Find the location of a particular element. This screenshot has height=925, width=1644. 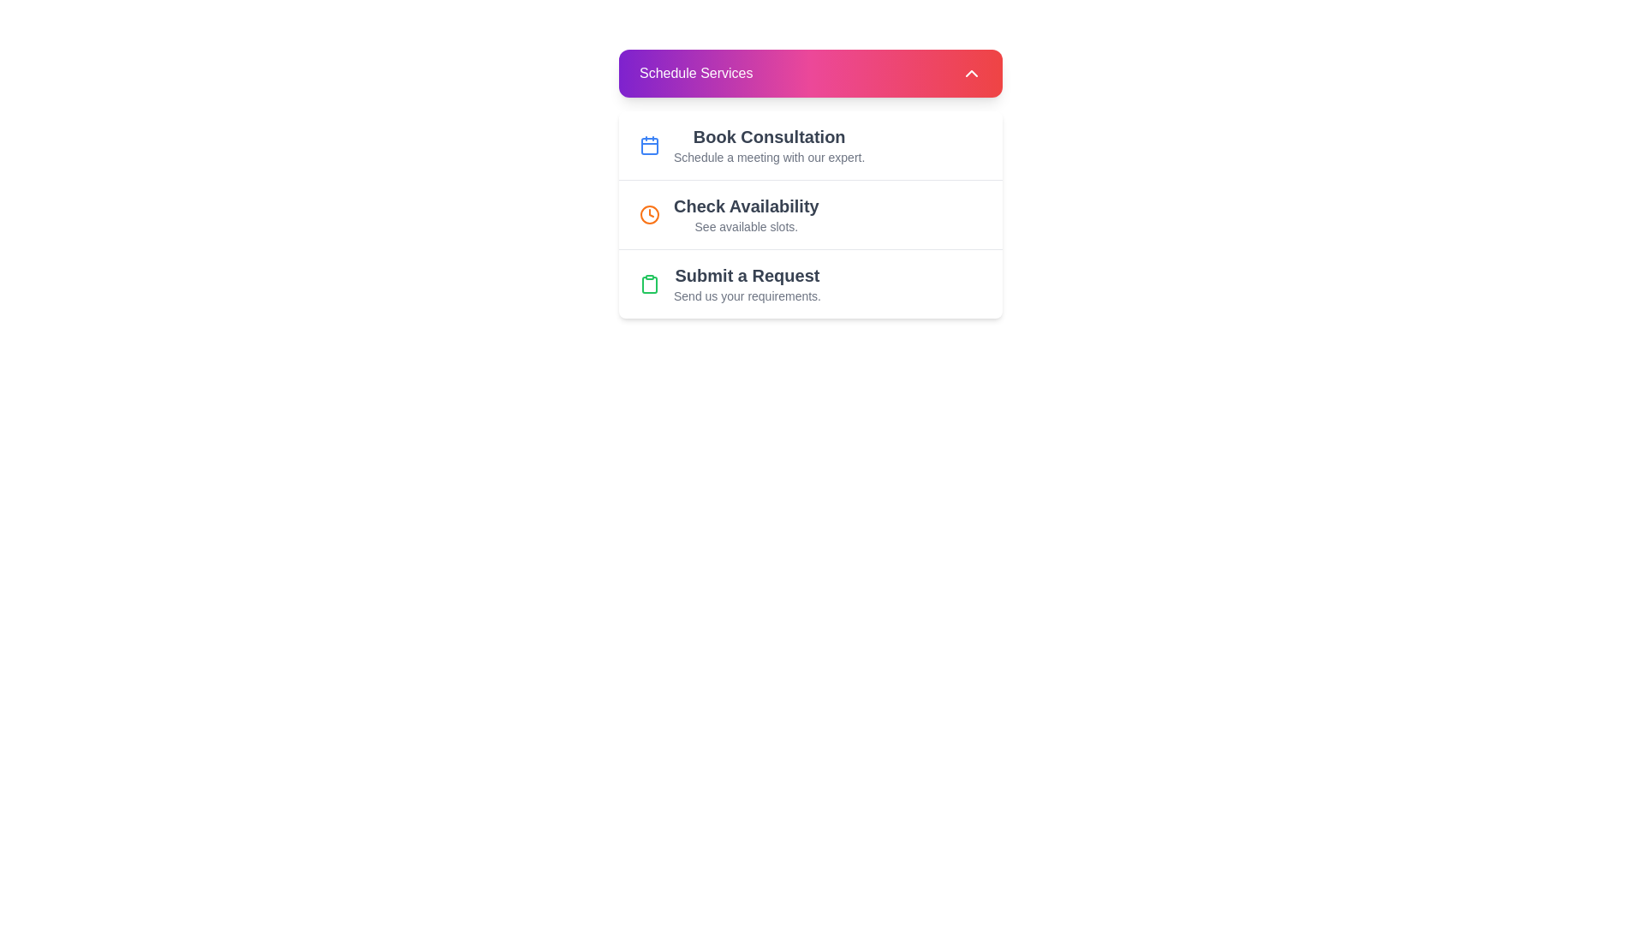

the consultation booking label located at the top of the 'Schedule Services' dropdown menu, which is next to a calendar icon and above the description text for scheduling a meeting is located at coordinates (768, 135).